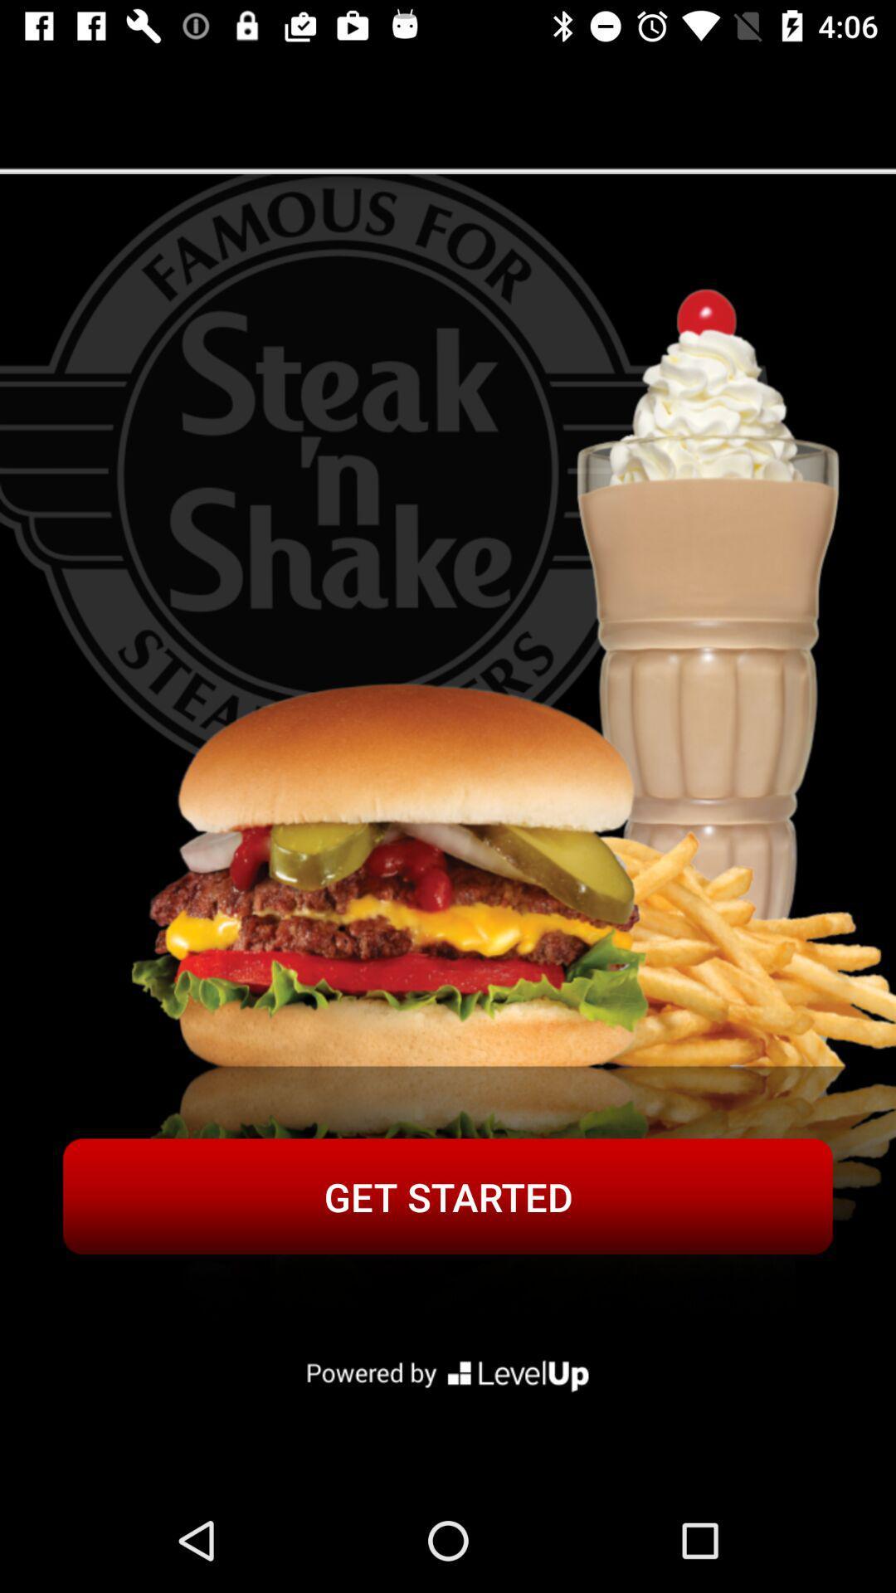 The width and height of the screenshot is (896, 1593). Describe the element at coordinates (448, 1196) in the screenshot. I see `the get started item` at that location.